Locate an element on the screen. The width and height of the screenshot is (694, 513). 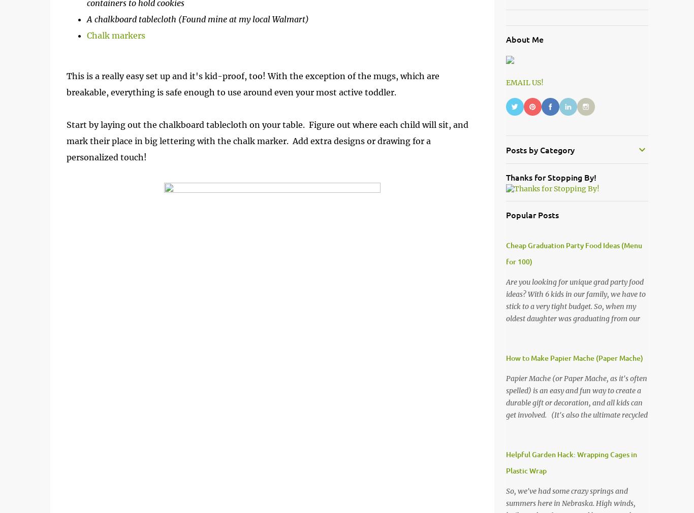
'This is a really easy set up and it's kid-proof, too! With the exception of the mugs, which are breakable, everything is safe enough to use around even your most active toddler.' is located at coordinates (252, 84).